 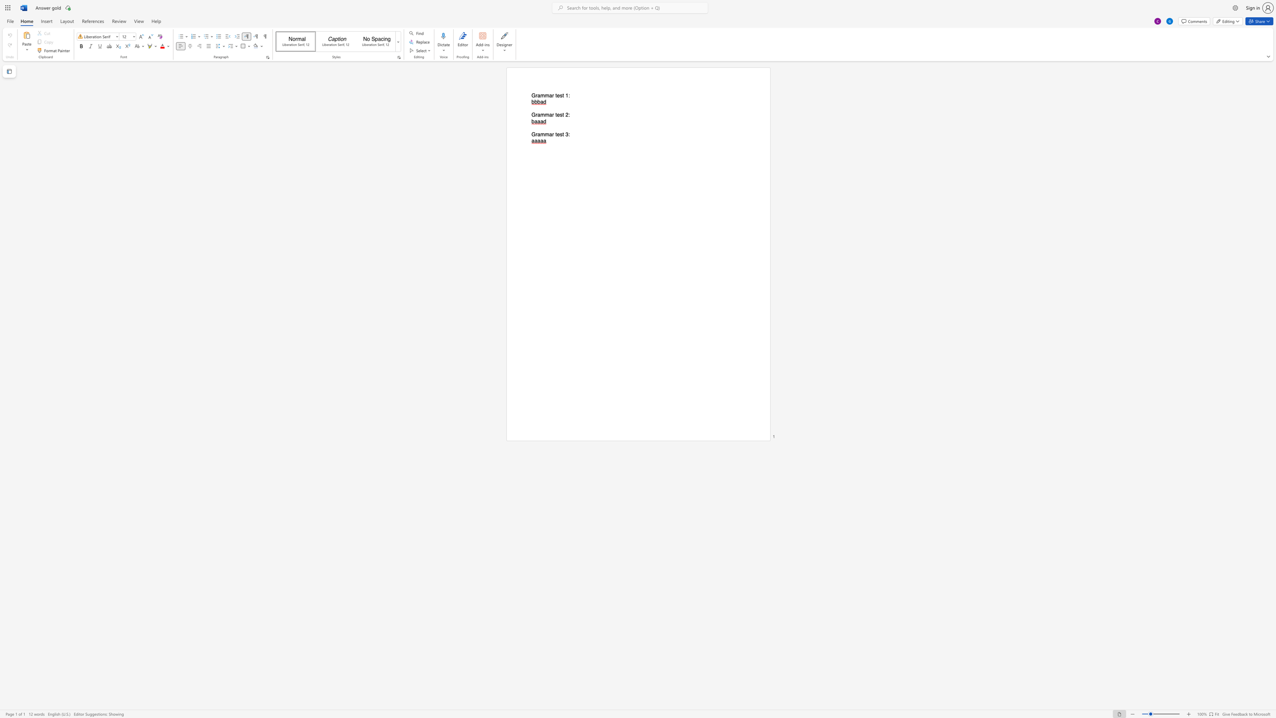 I want to click on the subset text "ar tes" within the text "Grammar test 2:", so click(x=549, y=114).